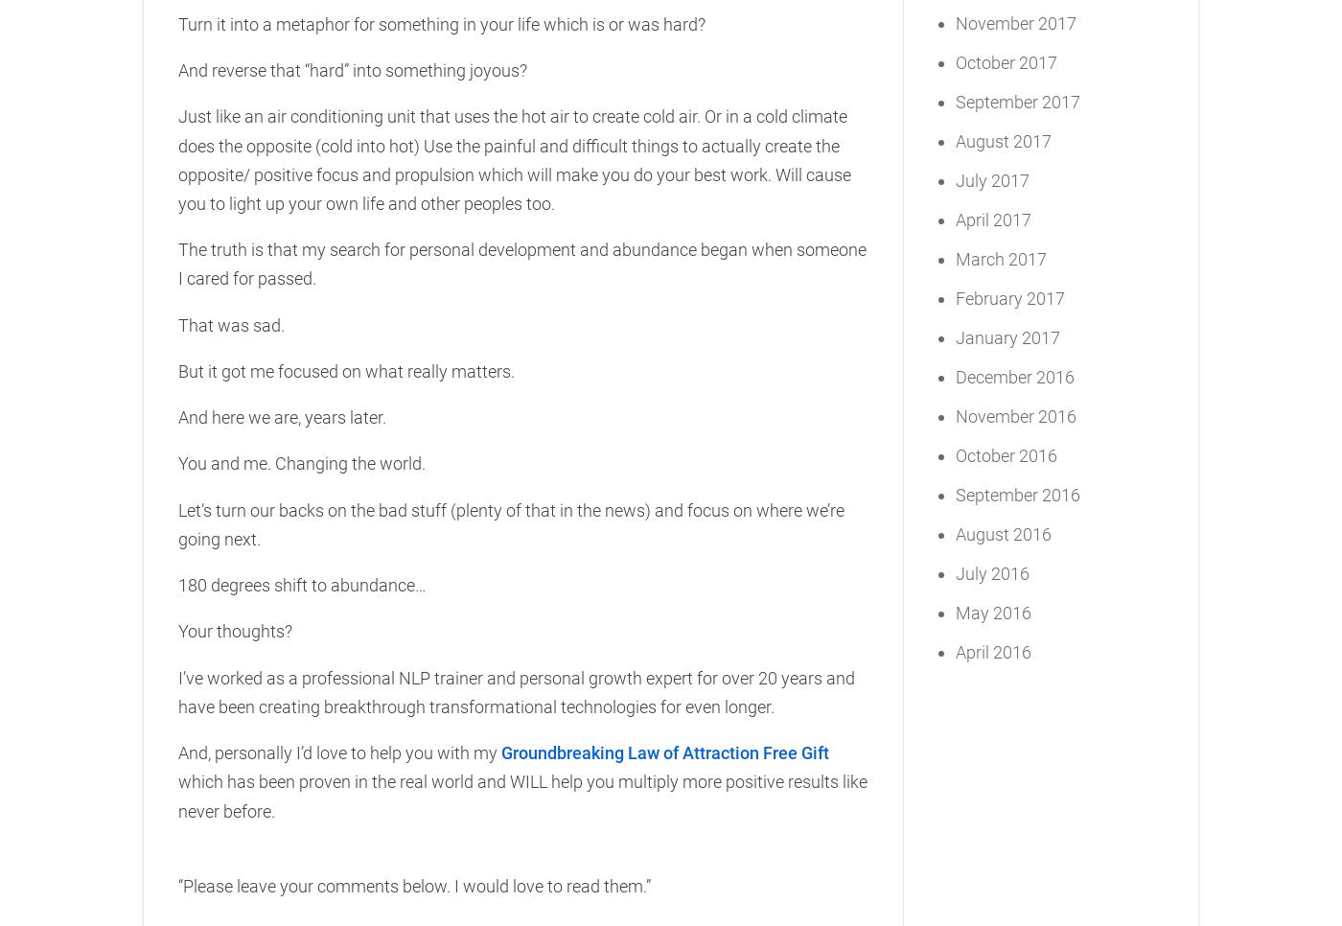  What do you see at coordinates (1018, 101) in the screenshot?
I see `'September 2017'` at bounding box center [1018, 101].